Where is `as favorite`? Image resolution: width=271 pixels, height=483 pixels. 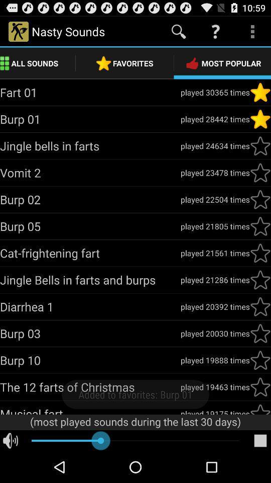
as favorite is located at coordinates (260, 145).